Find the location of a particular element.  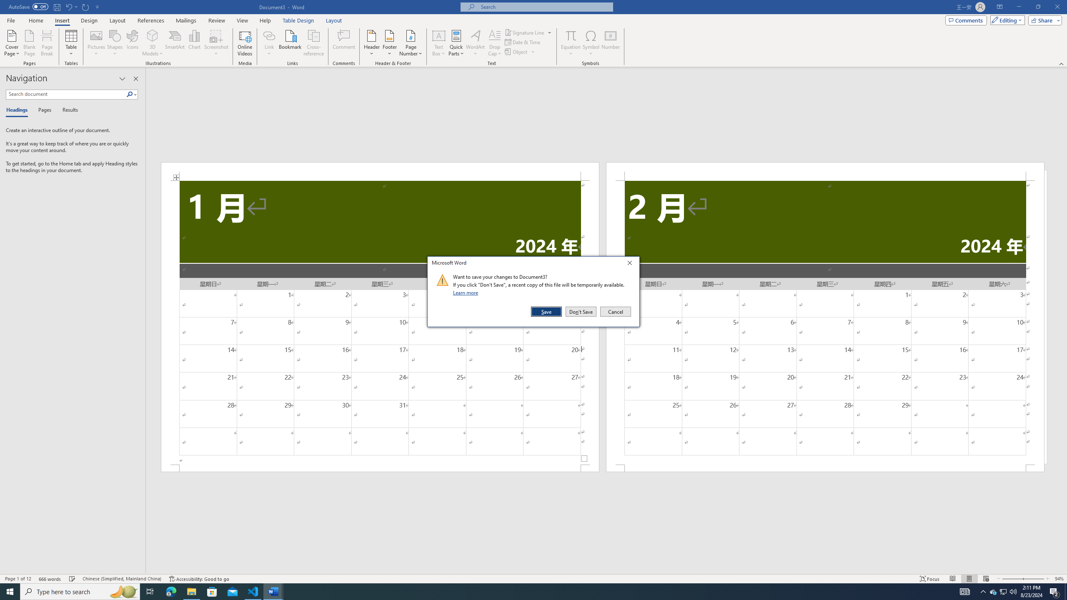

'3D Models' is located at coordinates (153, 43).